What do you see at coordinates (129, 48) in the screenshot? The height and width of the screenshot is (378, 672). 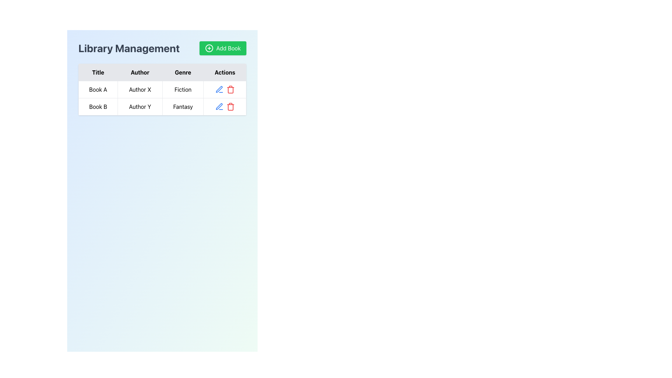 I see `text label that displays 'Library Management', which is prominently styled in a bold gray font and located in the top-left section of the interface` at bounding box center [129, 48].